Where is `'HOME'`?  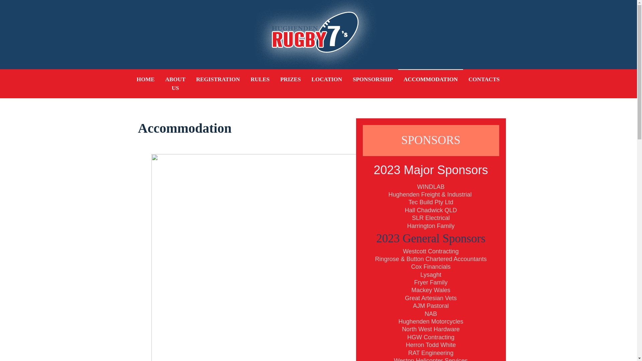 'HOME' is located at coordinates (145, 79).